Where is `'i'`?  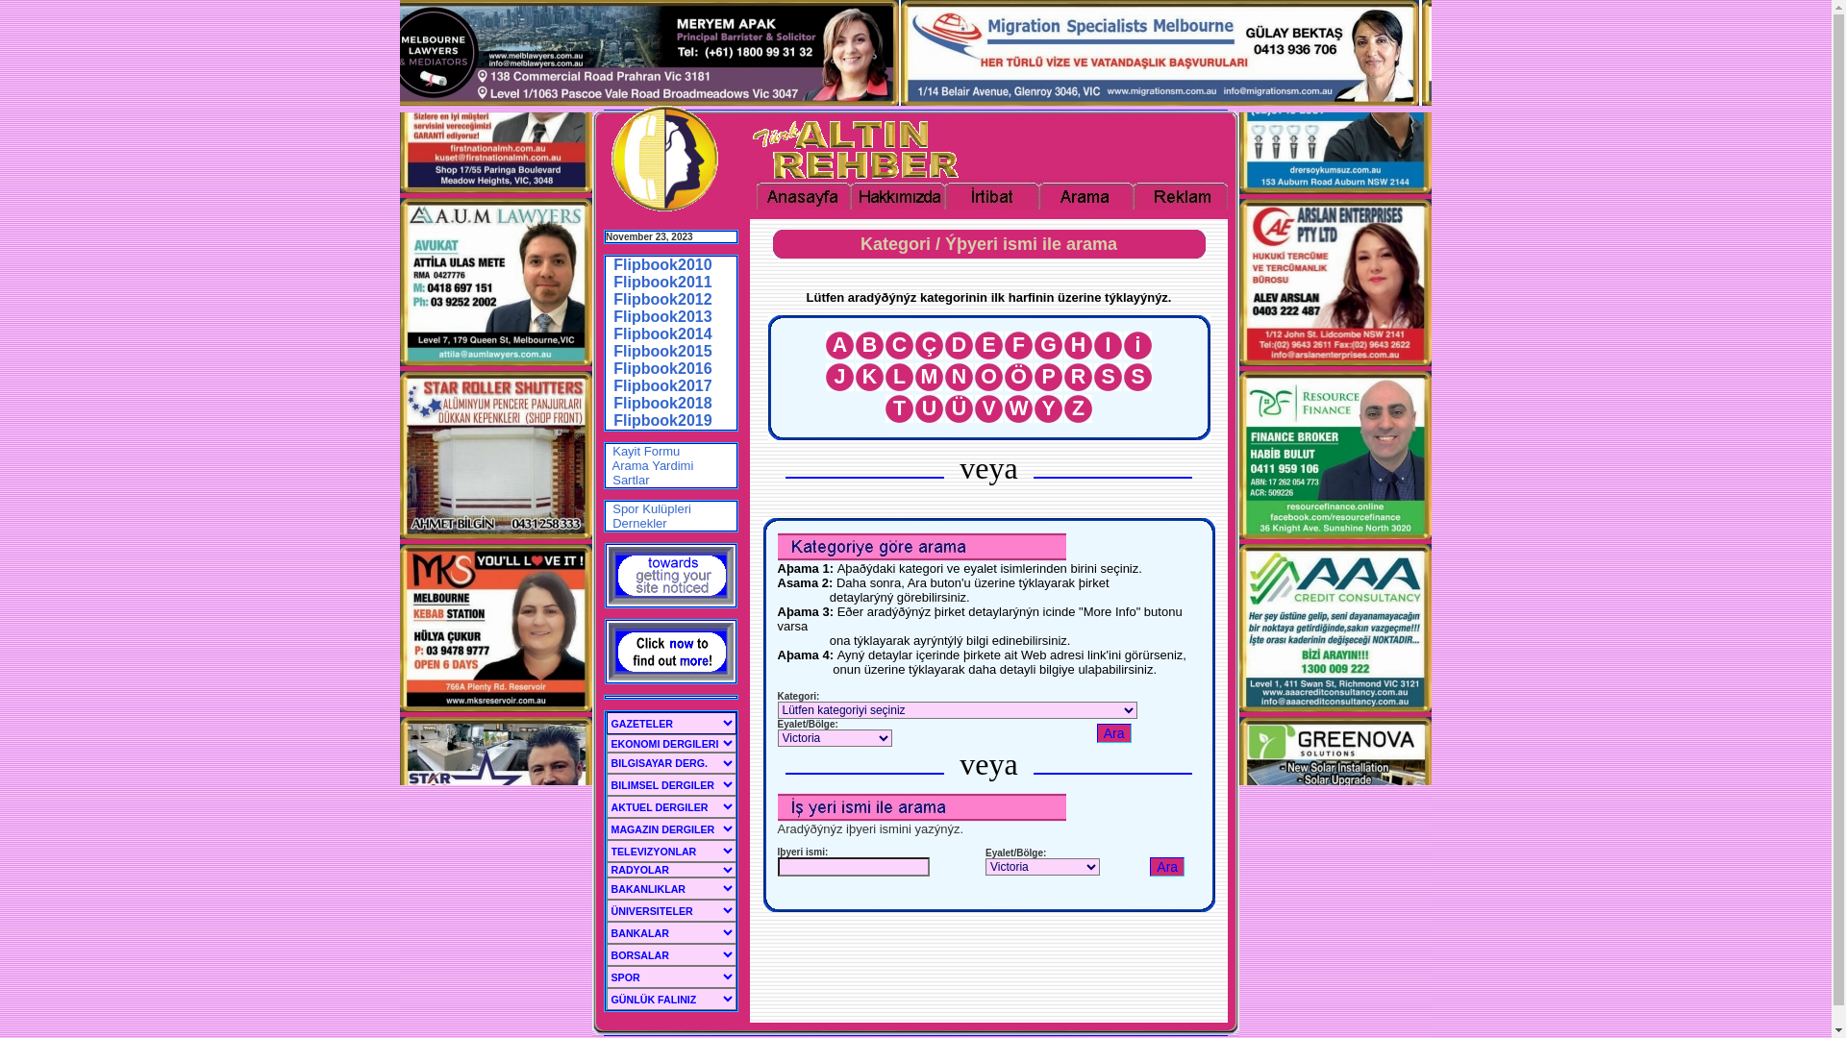 'i' is located at coordinates (1135, 348).